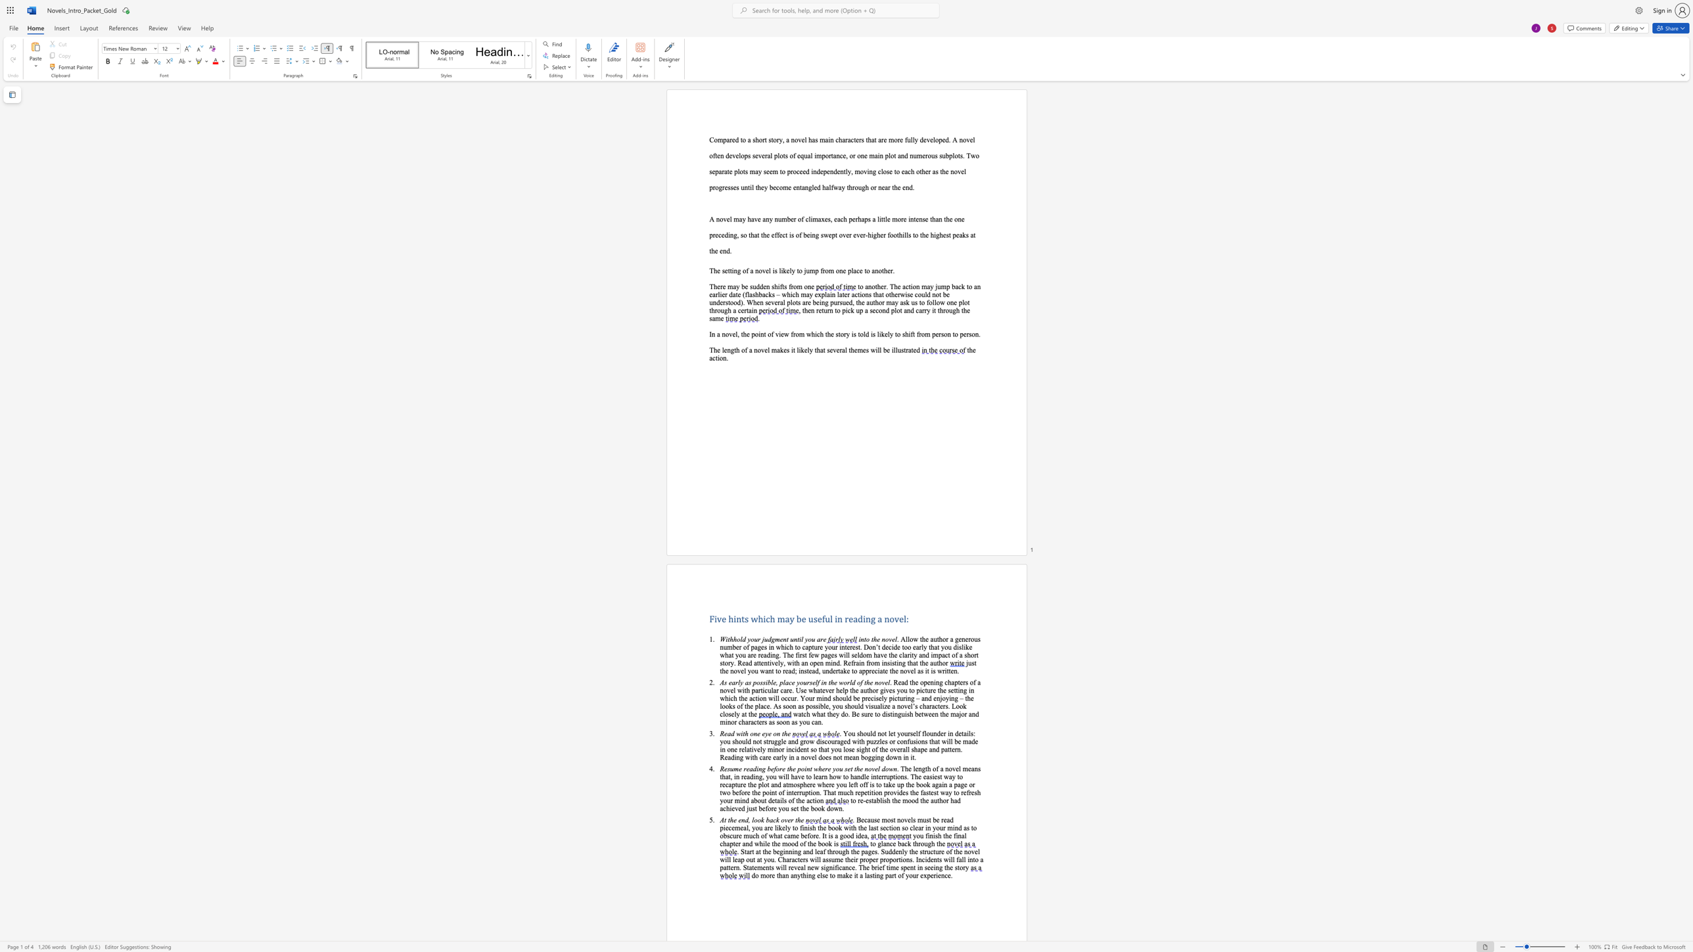  What do you see at coordinates (735, 654) in the screenshot?
I see `the subset text "you are reading. The first few pages will seldom have" within the text "decide too early that you dislike what you are reading. The first few pages will seldom have the clarity and impact of a short story. Read attentively, with an open mind. Refrain from insisting that the author"` at bounding box center [735, 654].